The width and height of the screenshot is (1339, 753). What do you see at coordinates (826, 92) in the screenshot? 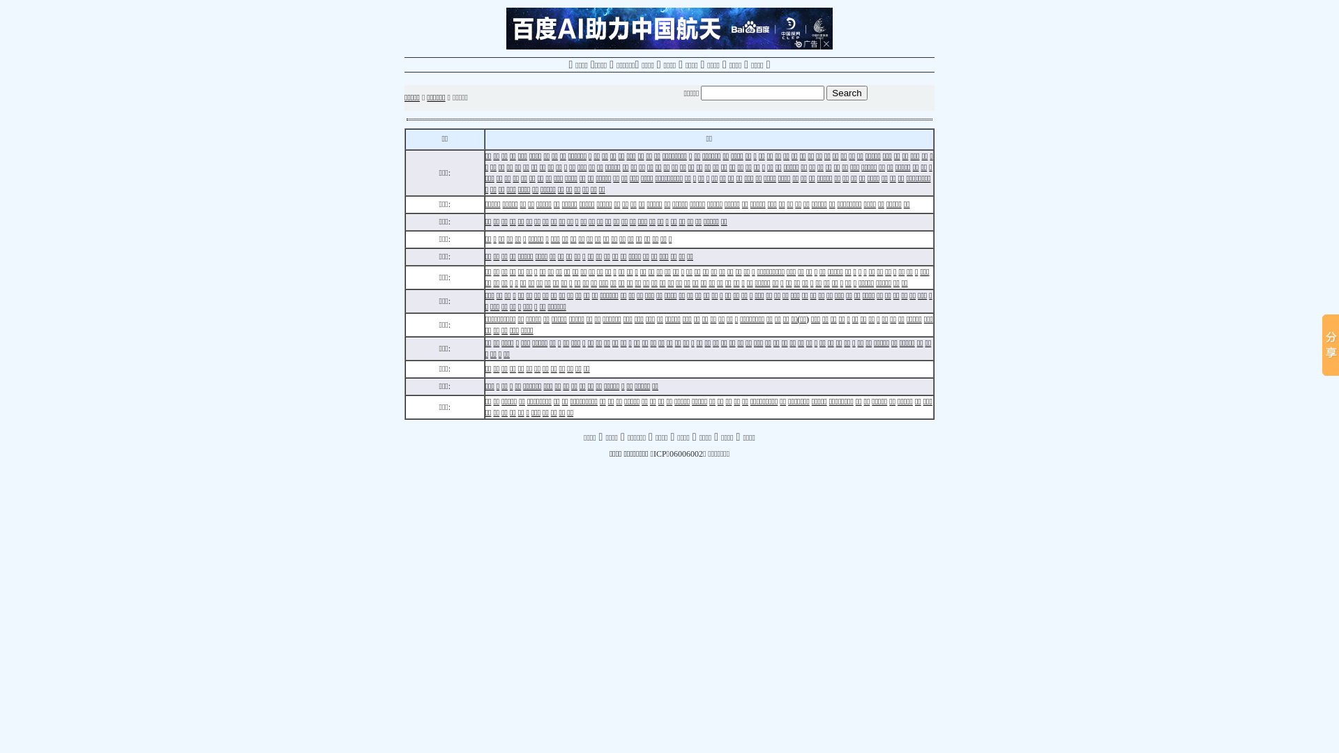
I see `'Search'` at bounding box center [826, 92].